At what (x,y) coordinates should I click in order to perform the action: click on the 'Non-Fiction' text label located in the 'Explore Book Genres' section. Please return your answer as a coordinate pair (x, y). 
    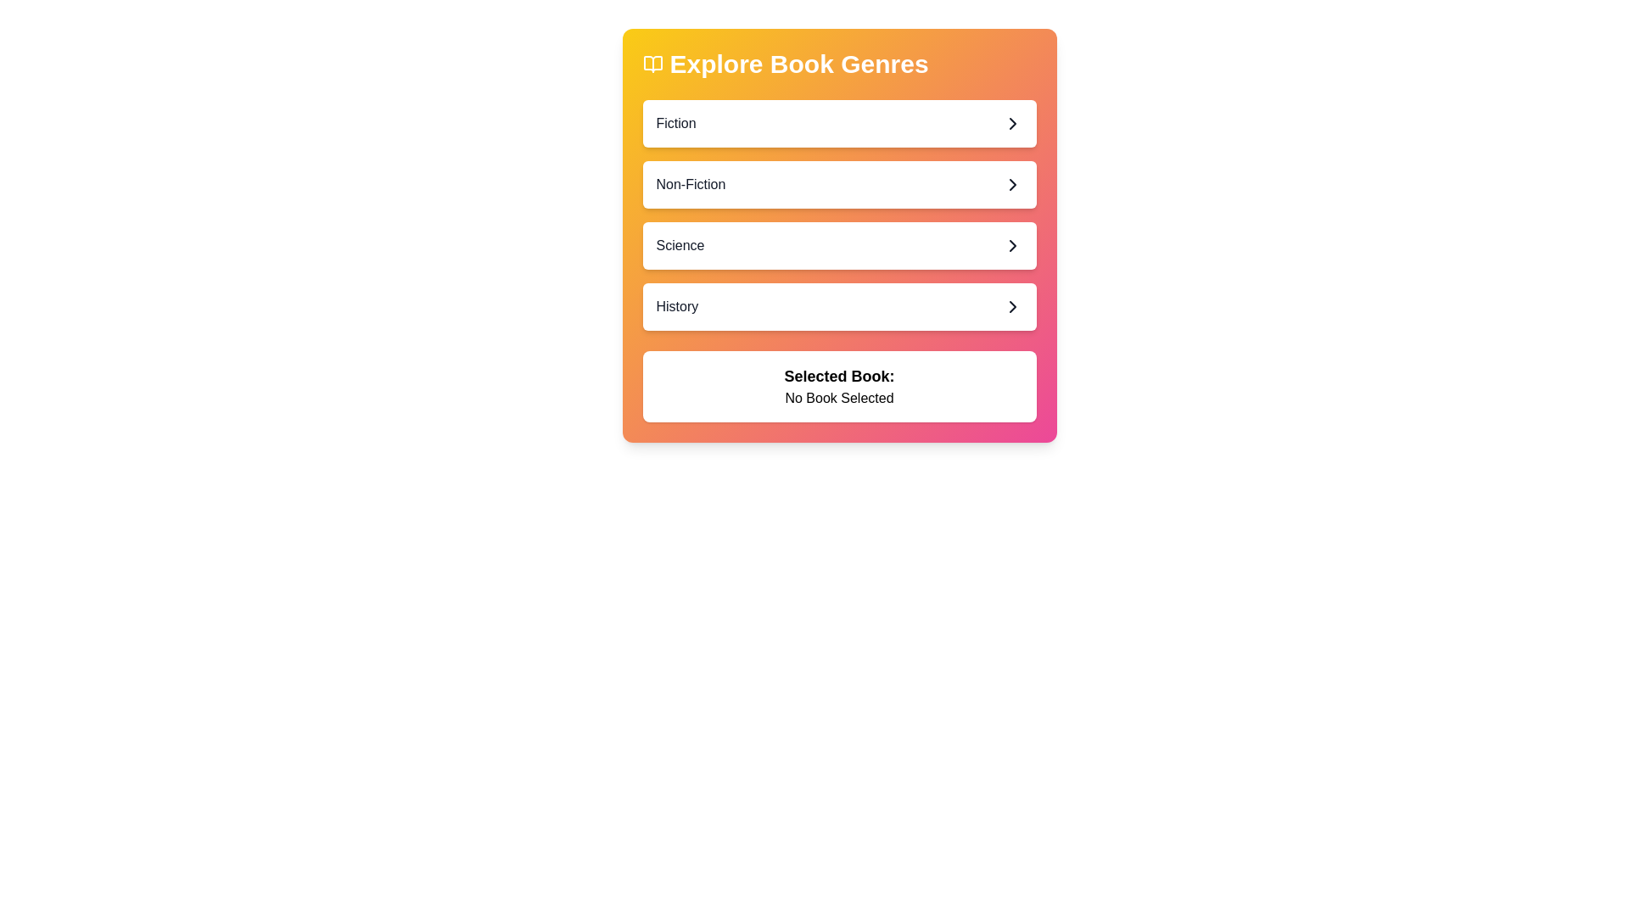
    Looking at the image, I should click on (691, 185).